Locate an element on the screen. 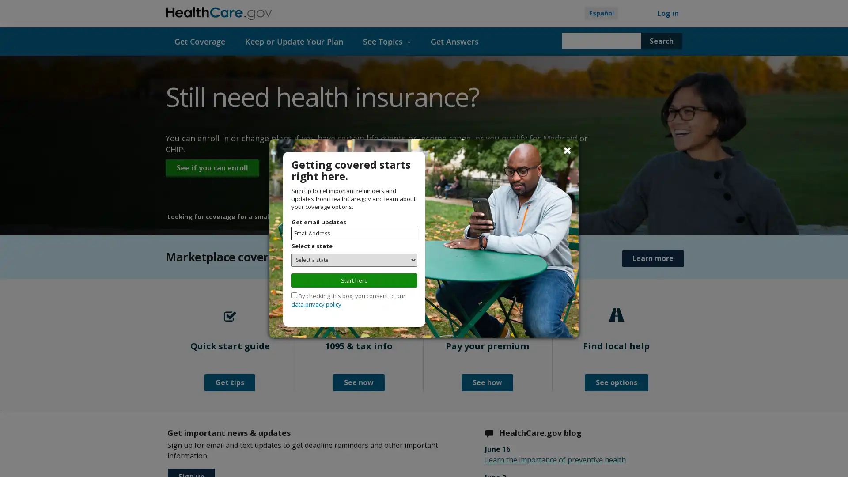 This screenshot has width=848, height=477. Start here is located at coordinates (354, 280).